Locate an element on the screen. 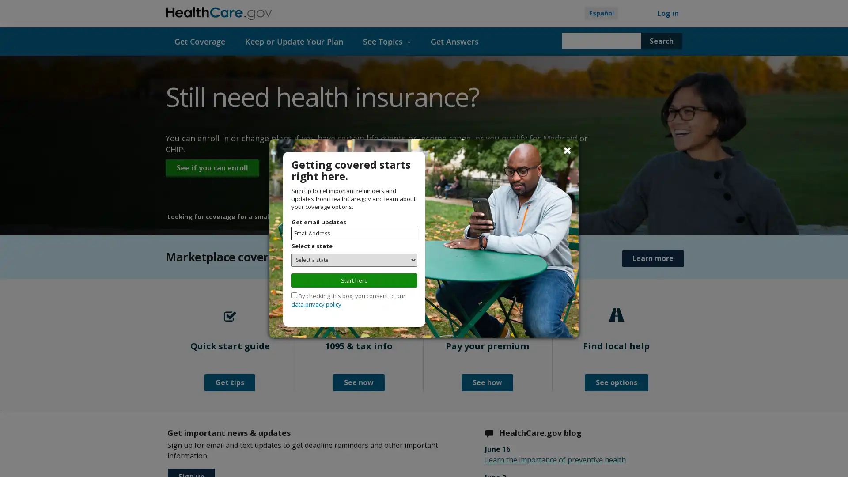 This screenshot has width=848, height=477. Start here is located at coordinates (354, 280).